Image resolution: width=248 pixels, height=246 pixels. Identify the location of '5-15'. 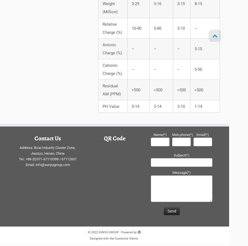
(198, 50).